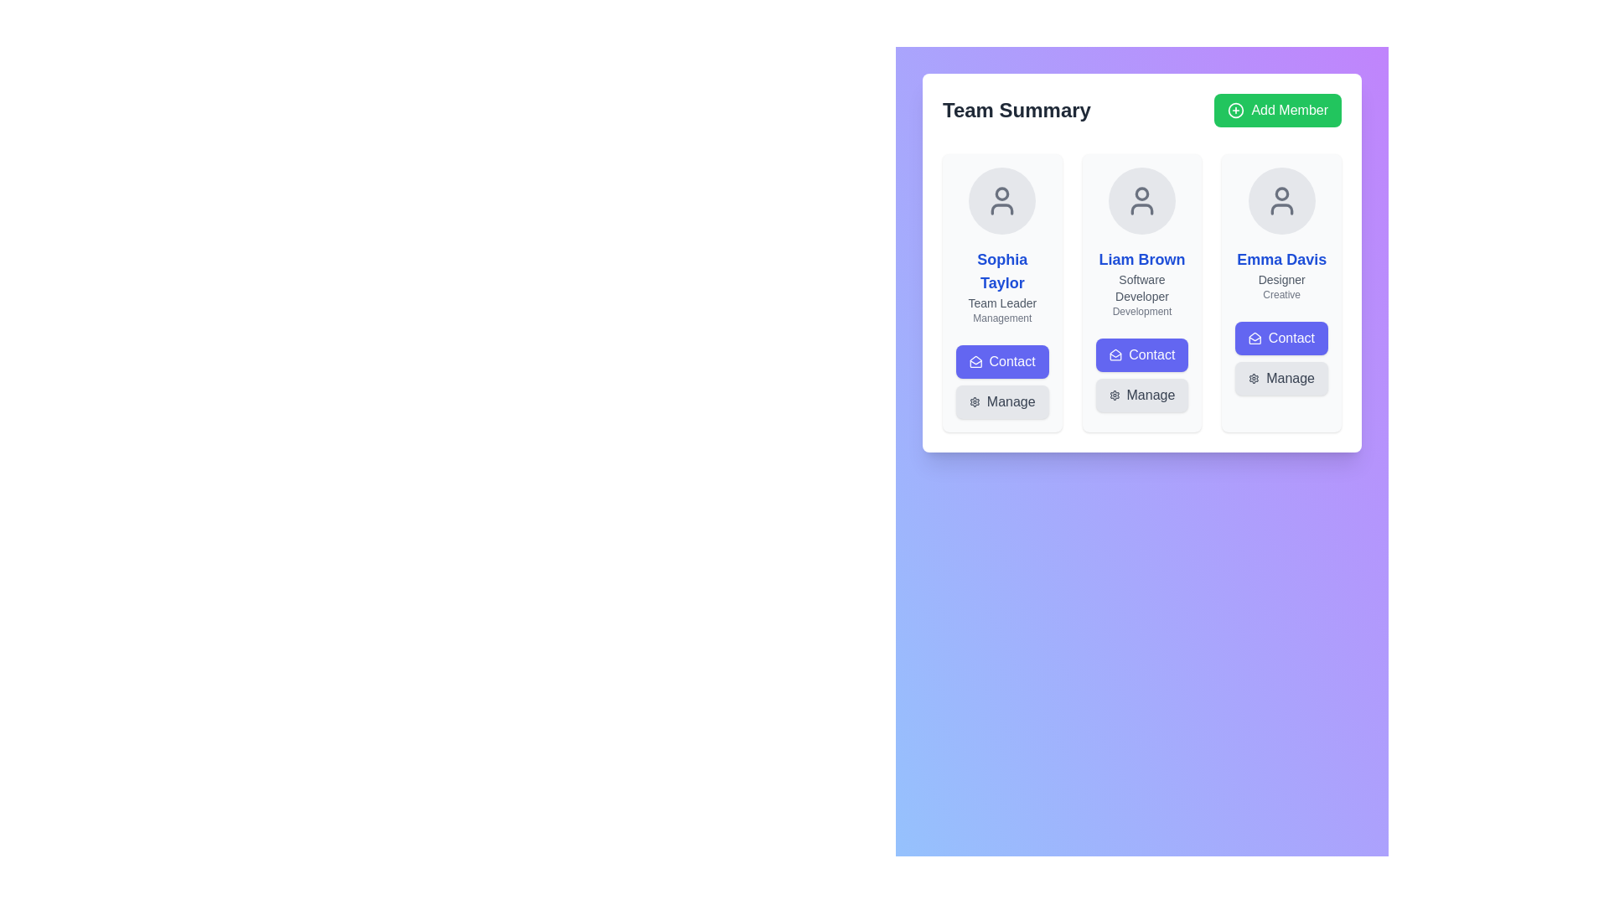  I want to click on the text label indicating the departmental role 'Development' associated with Liam Brown, located below the 'Software Developer' label and above the 'Contact' and 'Manage' buttons, so click(1141, 311).